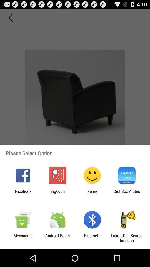  What do you see at coordinates (57, 238) in the screenshot?
I see `android beam icon` at bounding box center [57, 238].